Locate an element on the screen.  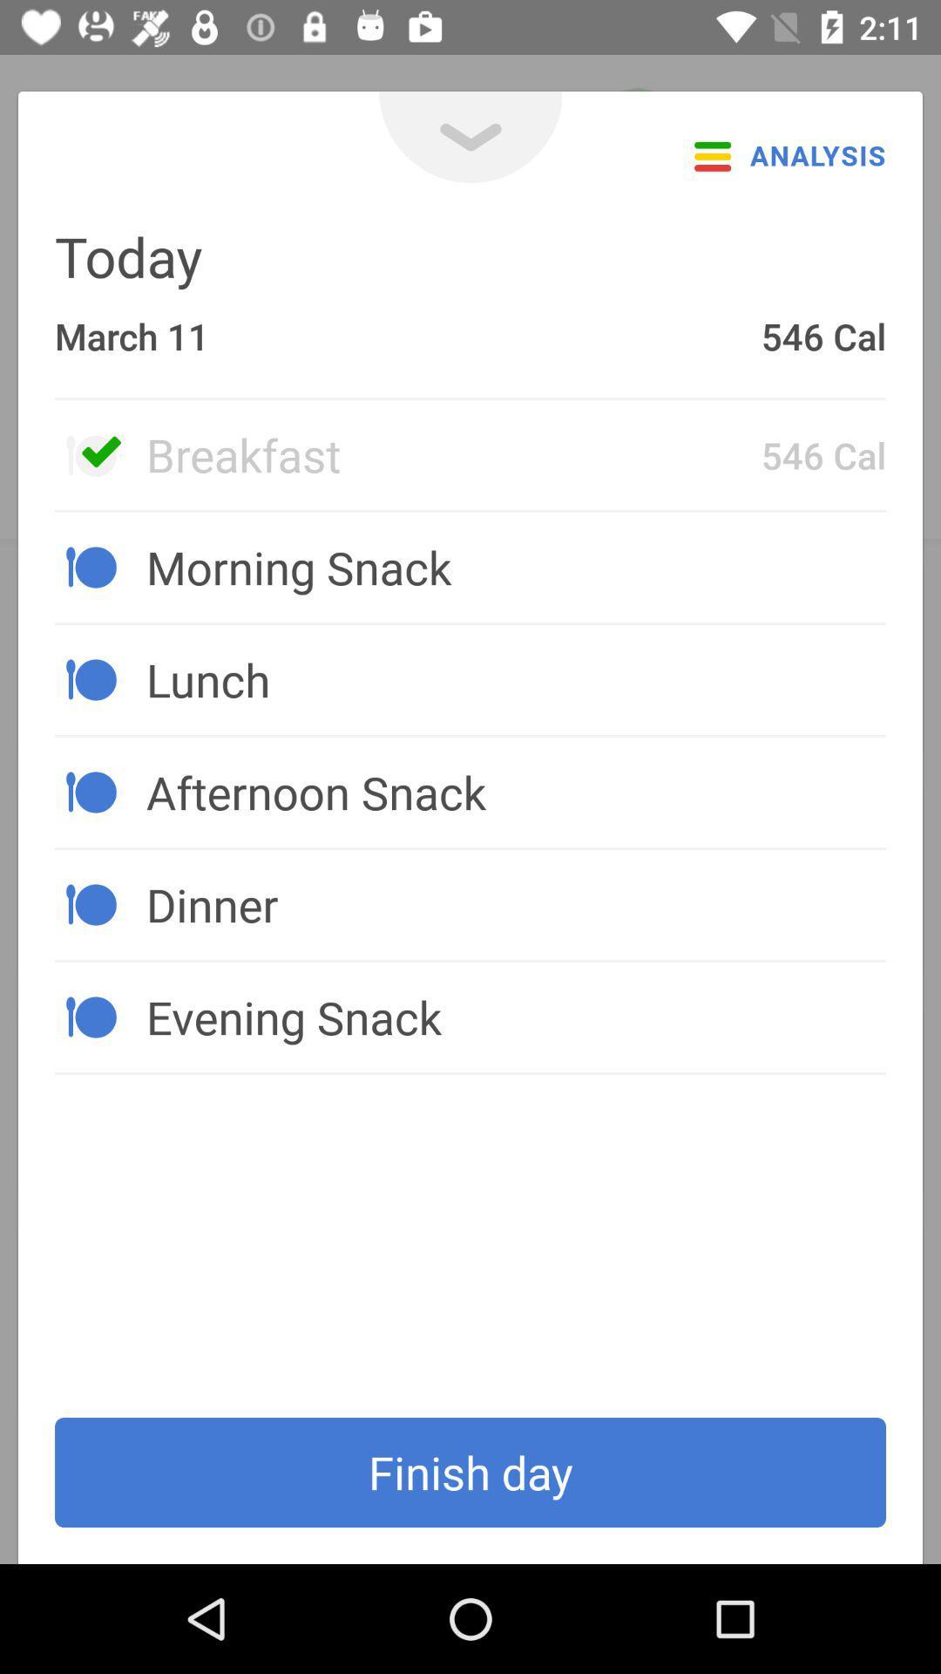
the item next to 546 cal icon is located at coordinates (452, 454).